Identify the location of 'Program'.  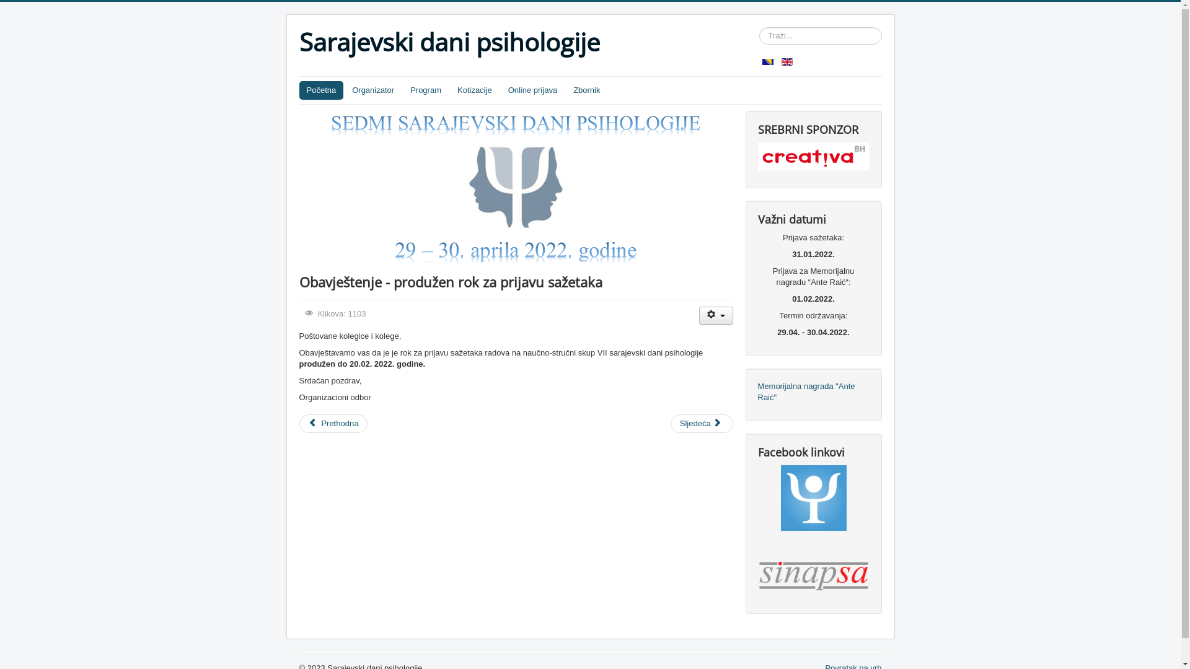
(425, 90).